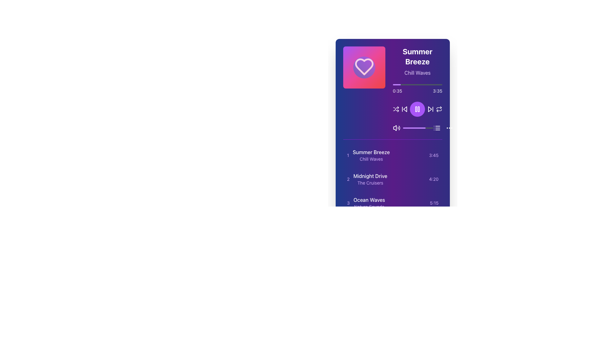 The width and height of the screenshot is (604, 339). I want to click on the playback control area of the multimedia playback interface displaying the song title 'Summer Breeze', so click(417, 89).